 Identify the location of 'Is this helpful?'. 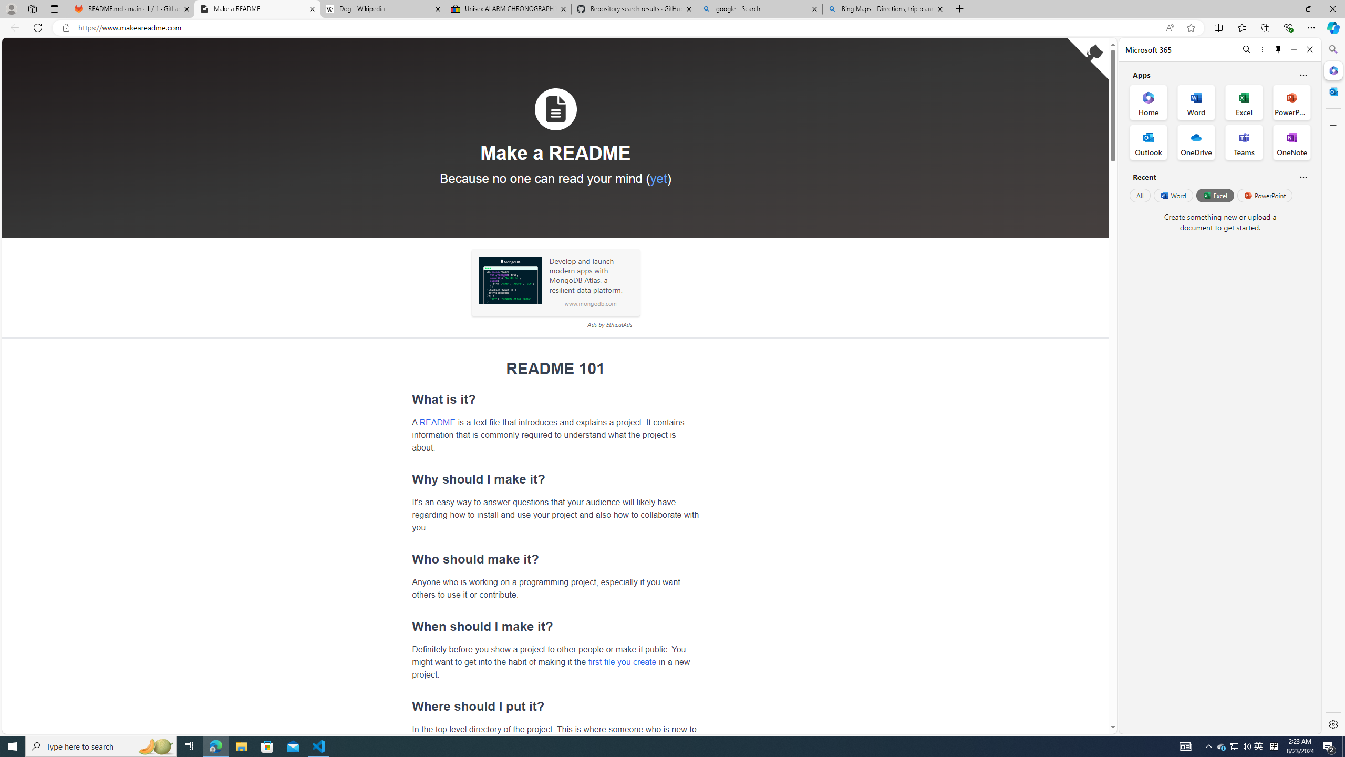
(1302, 177).